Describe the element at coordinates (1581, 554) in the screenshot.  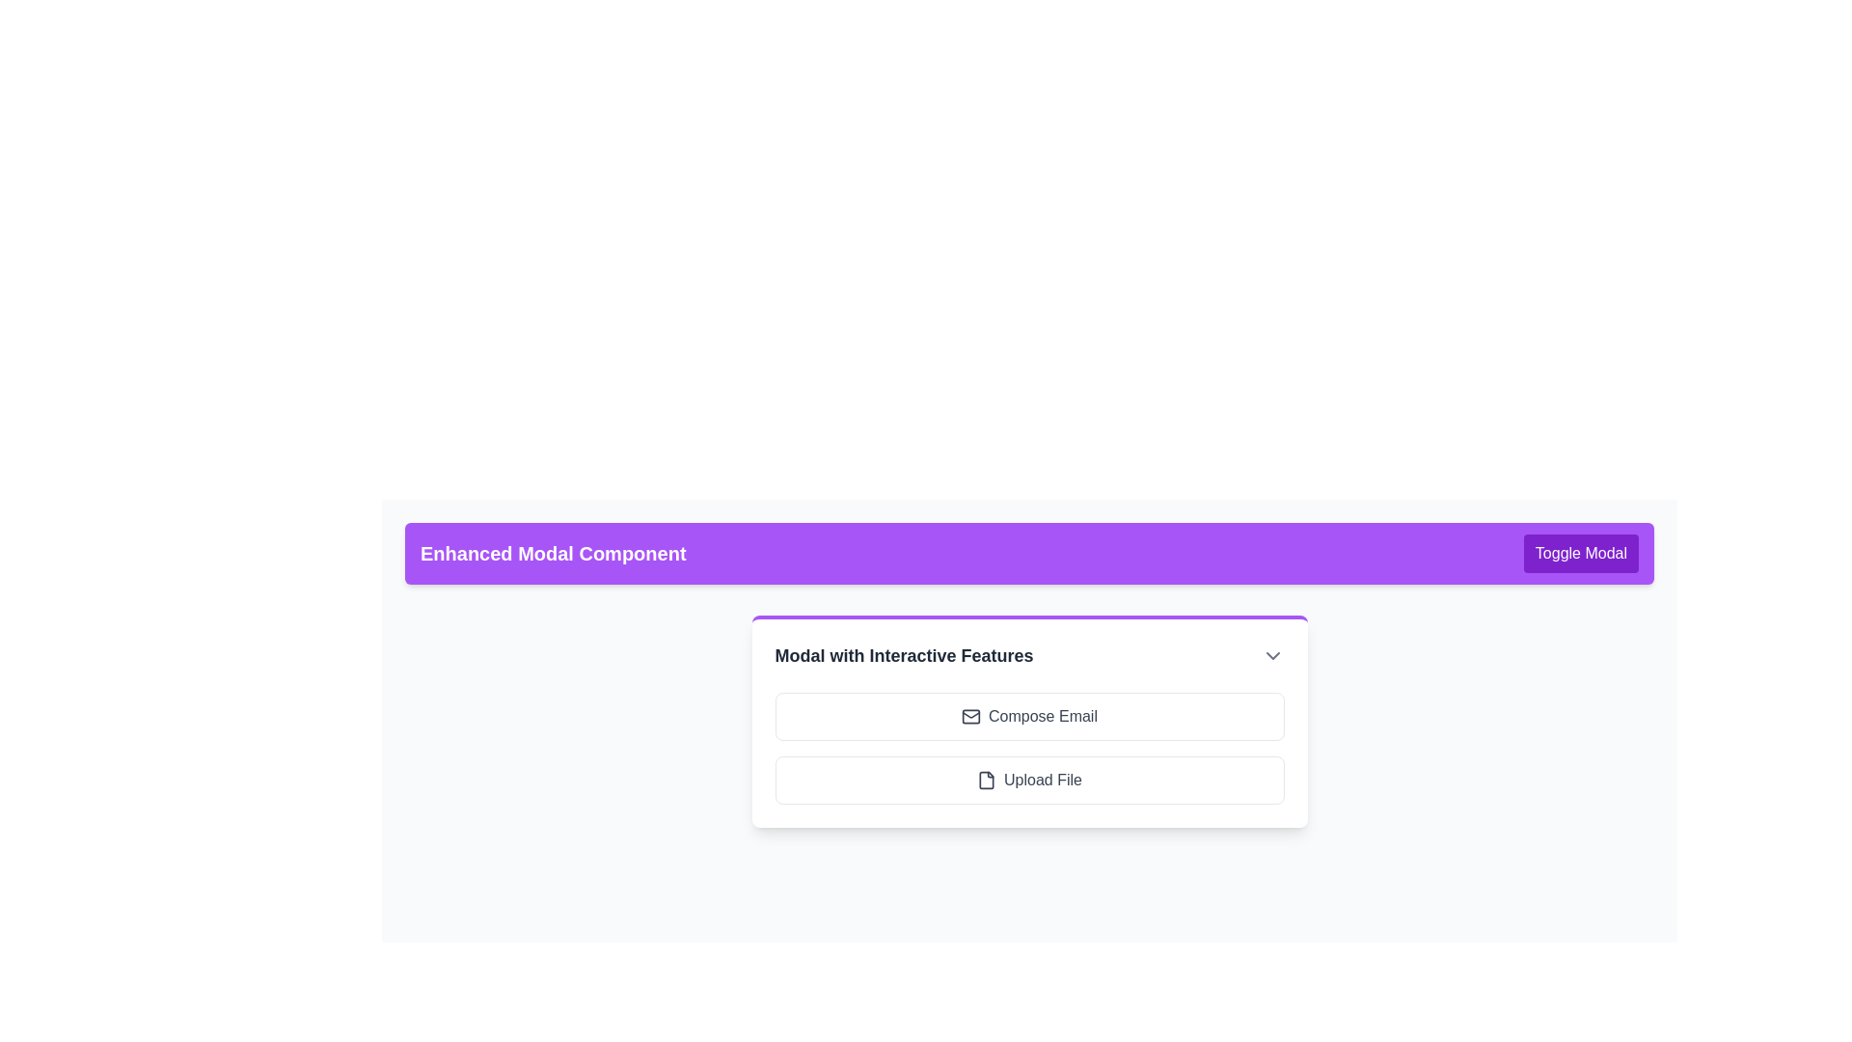
I see `the 'Toggle Modal' button with a purple background and white text` at that location.